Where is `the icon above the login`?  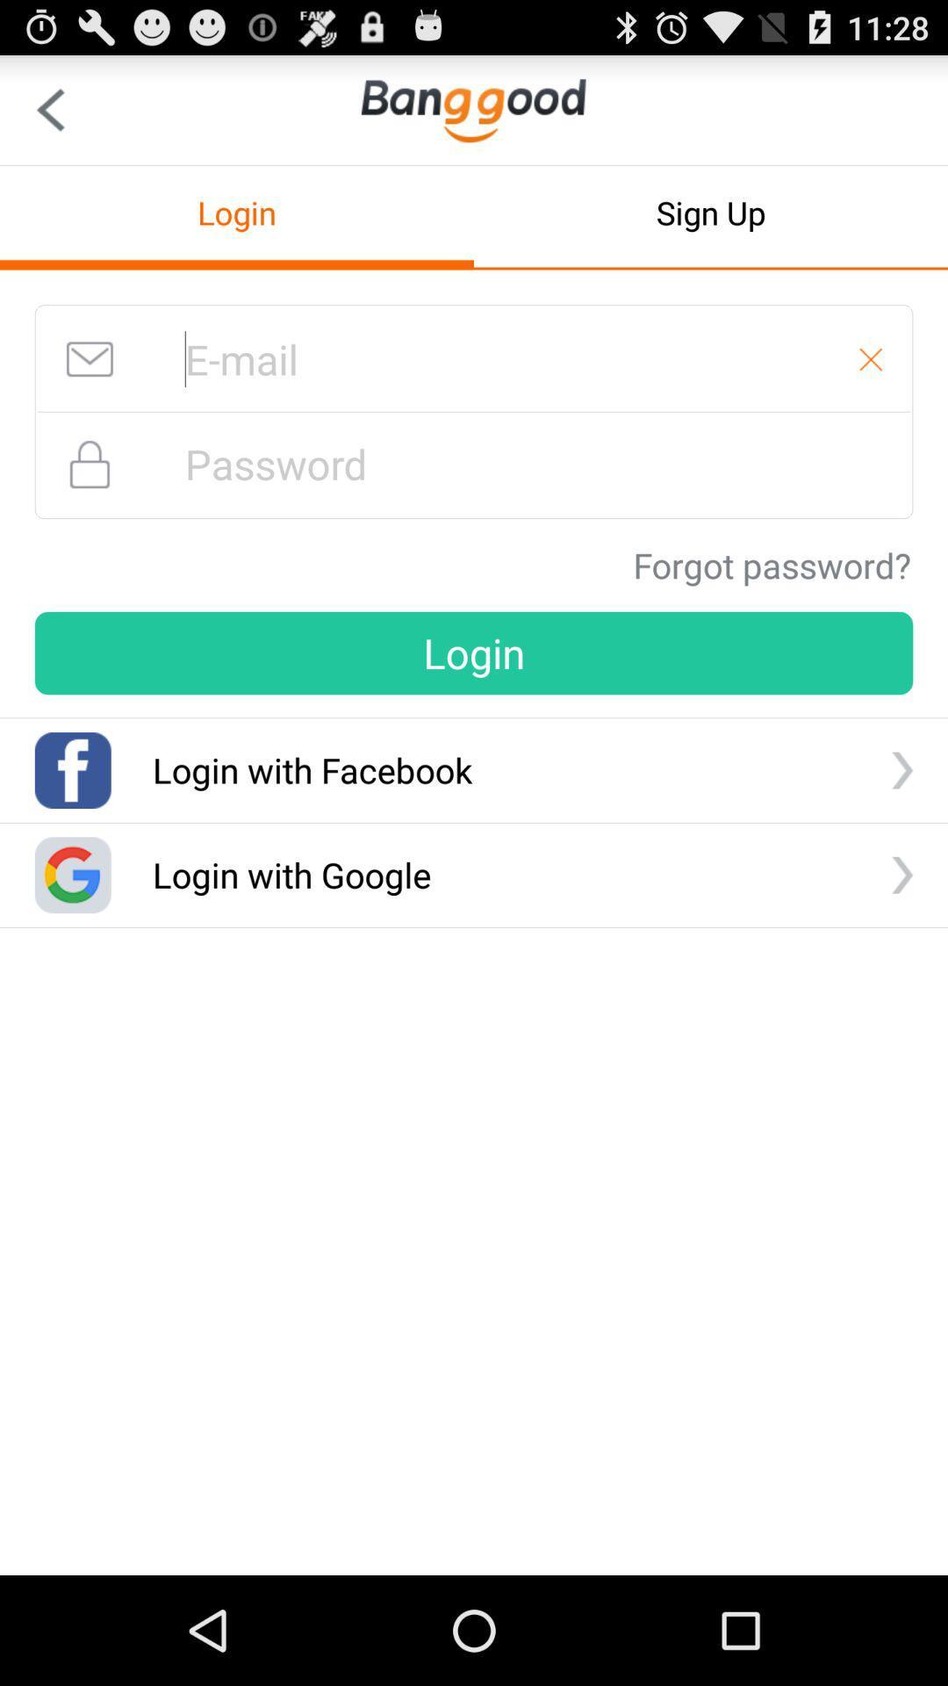 the icon above the login is located at coordinates (771, 565).